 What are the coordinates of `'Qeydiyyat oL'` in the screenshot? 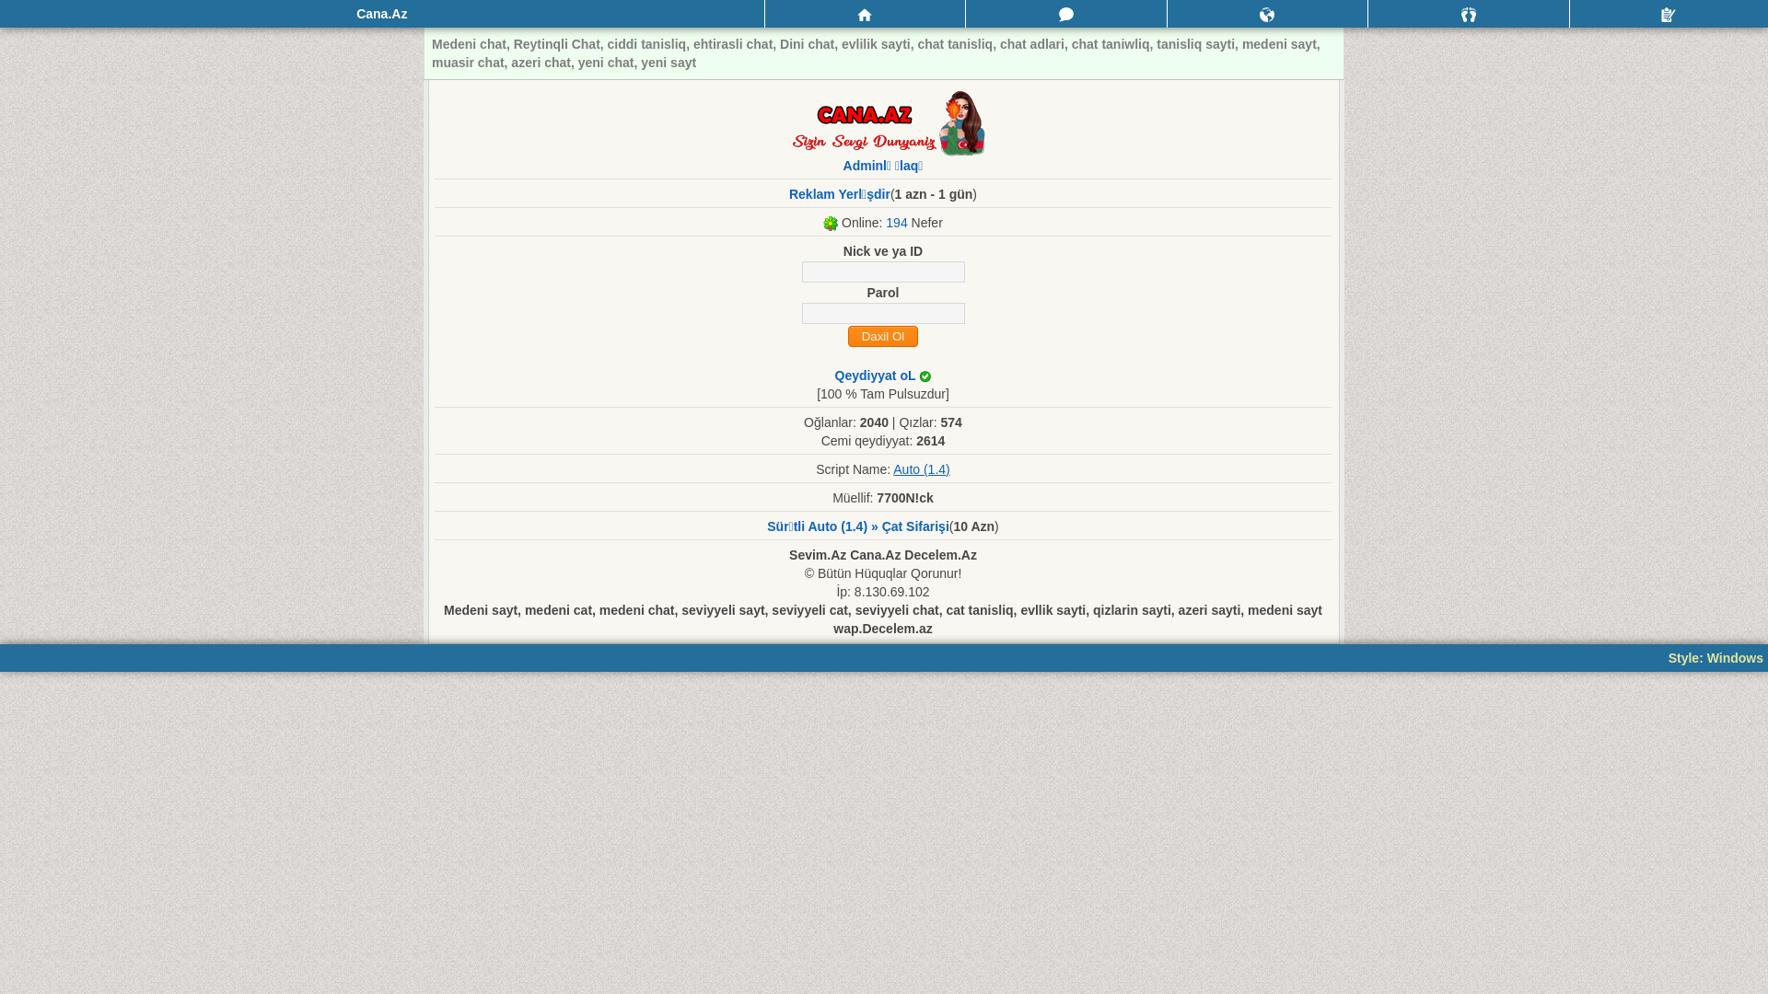 It's located at (877, 375).